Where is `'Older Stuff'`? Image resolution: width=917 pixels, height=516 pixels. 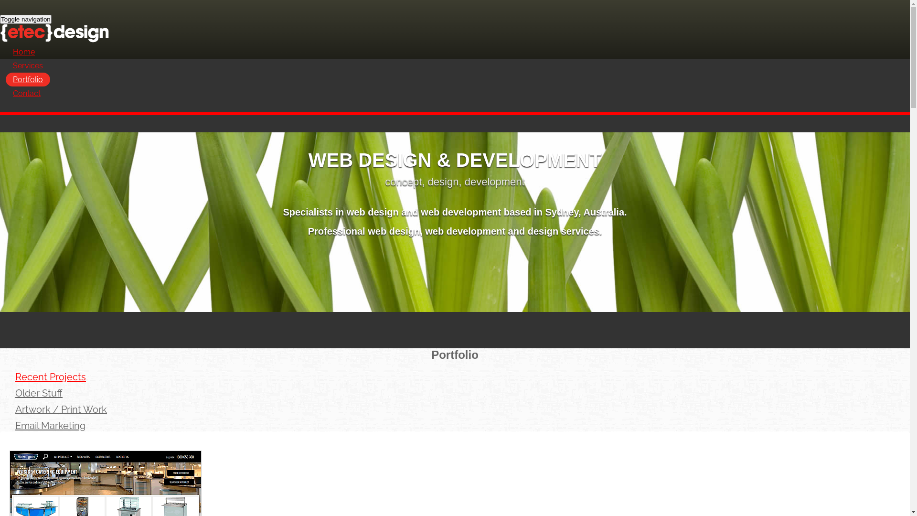 'Older Stuff' is located at coordinates (38, 393).